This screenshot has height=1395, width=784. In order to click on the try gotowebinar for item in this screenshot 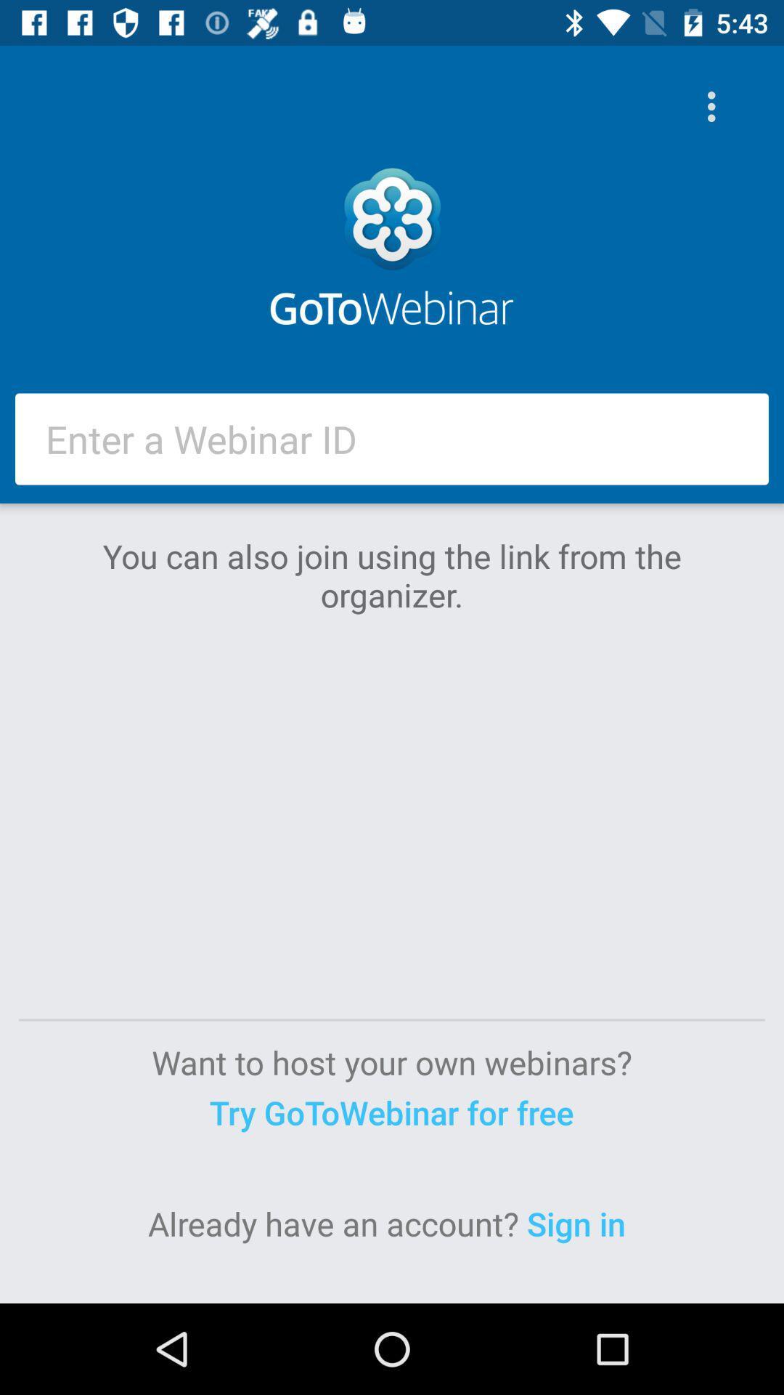, I will do `click(391, 1112)`.